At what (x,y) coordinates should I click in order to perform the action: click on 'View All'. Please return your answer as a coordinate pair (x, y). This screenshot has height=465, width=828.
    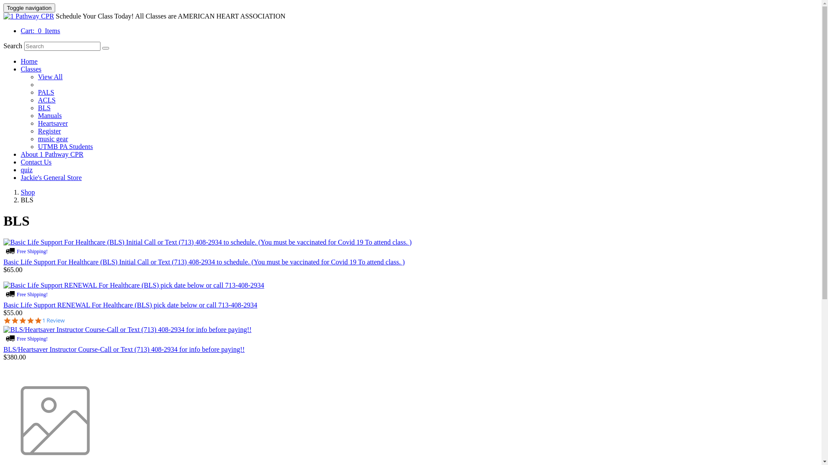
    Looking at the image, I should click on (50, 76).